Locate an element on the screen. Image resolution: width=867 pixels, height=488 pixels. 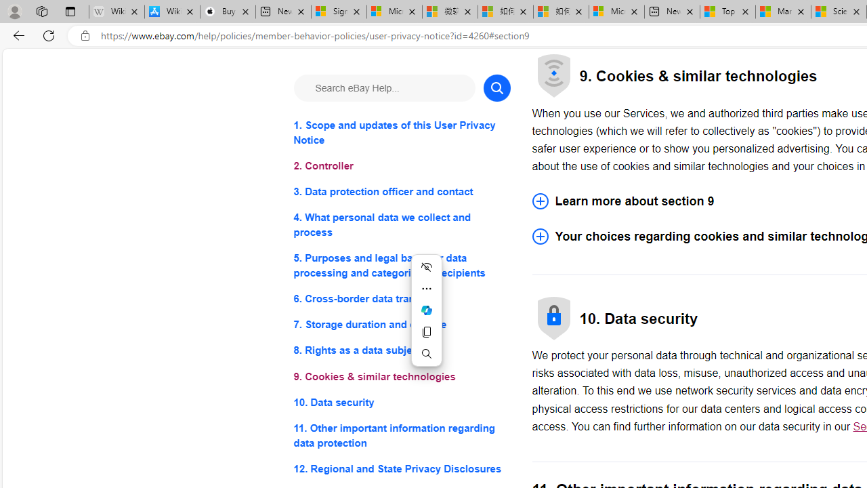
'Copy' is located at coordinates (425, 331).